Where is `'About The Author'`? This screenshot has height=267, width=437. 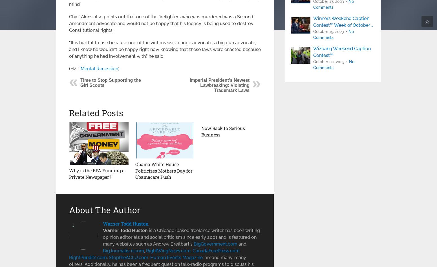
'About The Author' is located at coordinates (104, 209).